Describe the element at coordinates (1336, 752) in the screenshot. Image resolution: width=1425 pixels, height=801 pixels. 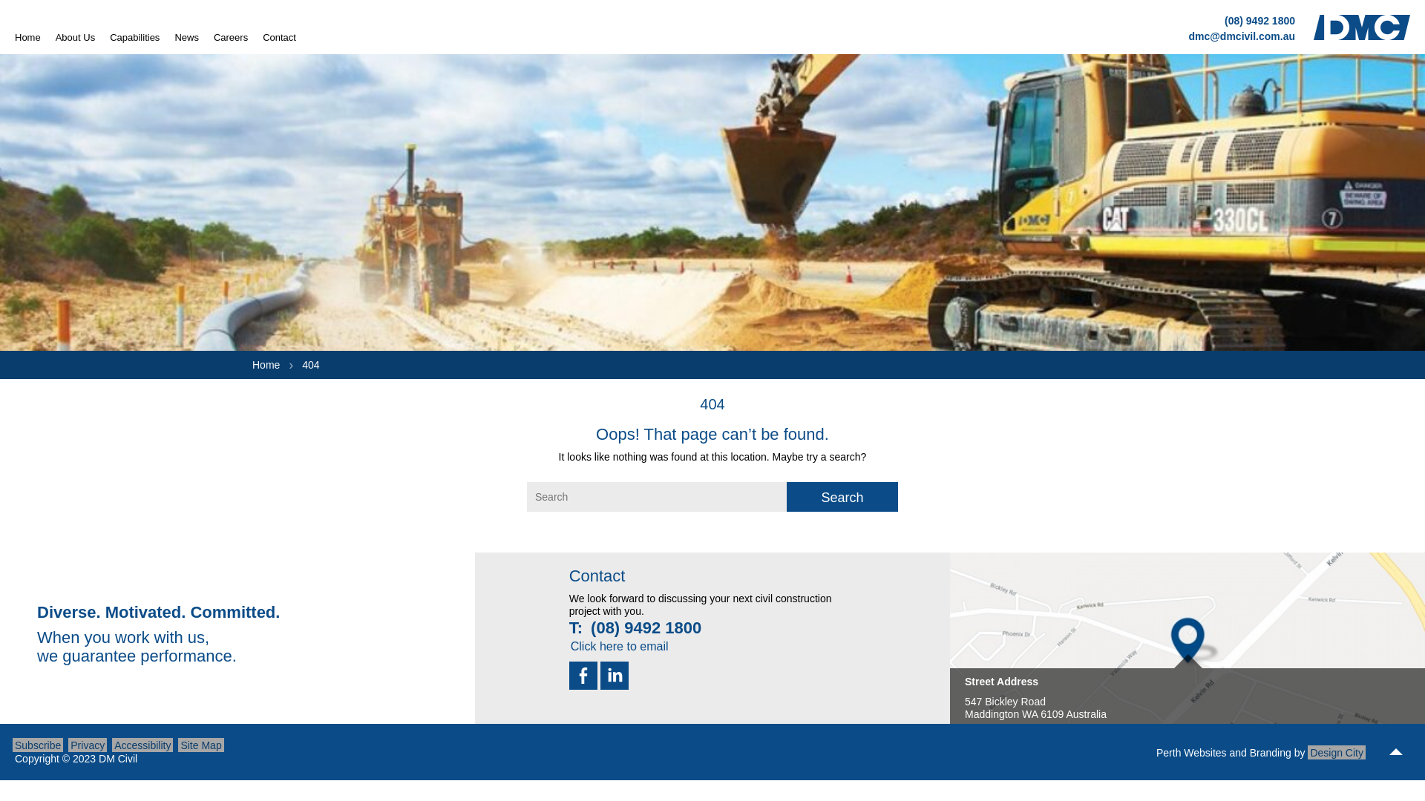
I see `'Design City'` at that location.